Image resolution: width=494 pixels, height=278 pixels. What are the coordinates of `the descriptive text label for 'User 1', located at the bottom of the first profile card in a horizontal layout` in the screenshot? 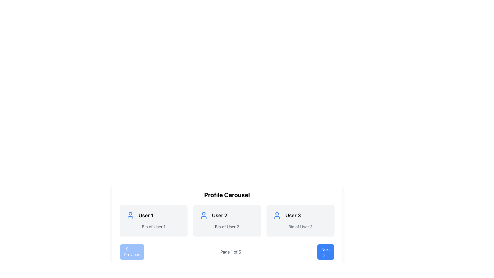 It's located at (153, 226).